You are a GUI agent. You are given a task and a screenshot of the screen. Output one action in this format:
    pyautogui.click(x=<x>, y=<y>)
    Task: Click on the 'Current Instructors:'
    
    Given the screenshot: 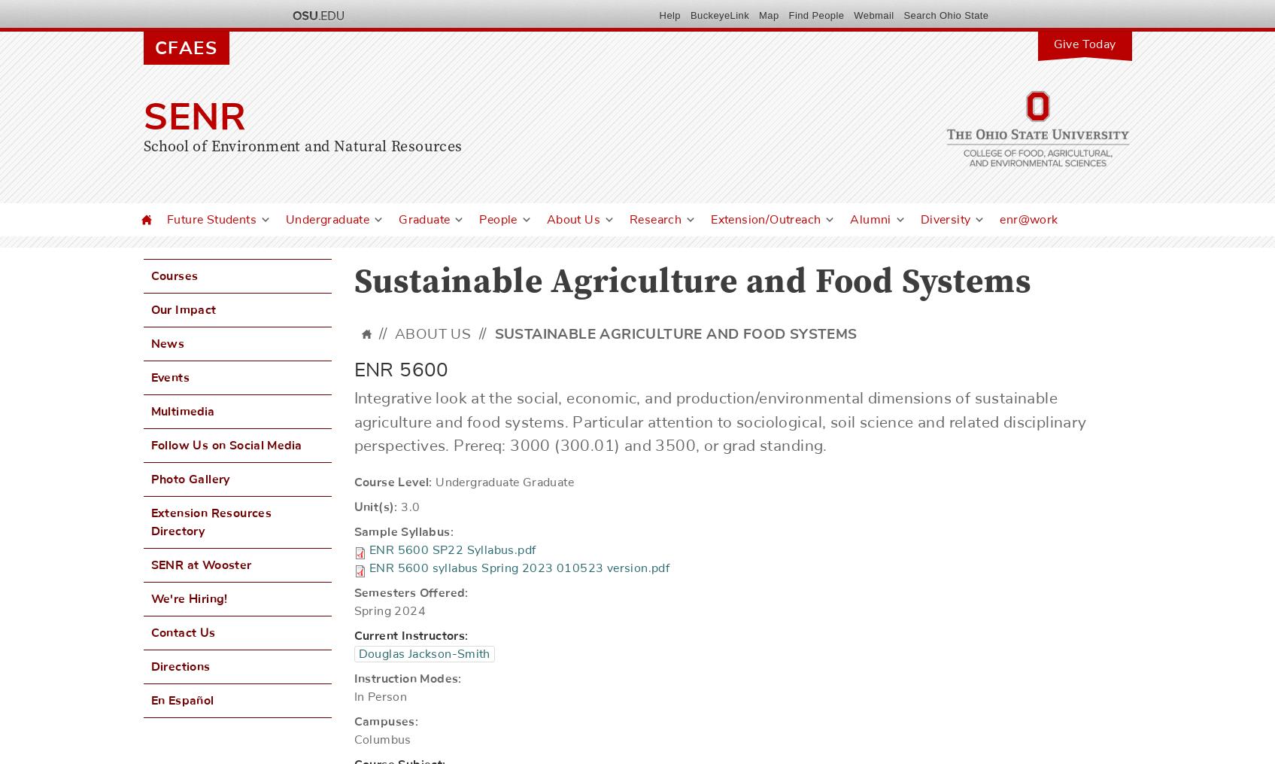 What is the action you would take?
    pyautogui.click(x=411, y=635)
    